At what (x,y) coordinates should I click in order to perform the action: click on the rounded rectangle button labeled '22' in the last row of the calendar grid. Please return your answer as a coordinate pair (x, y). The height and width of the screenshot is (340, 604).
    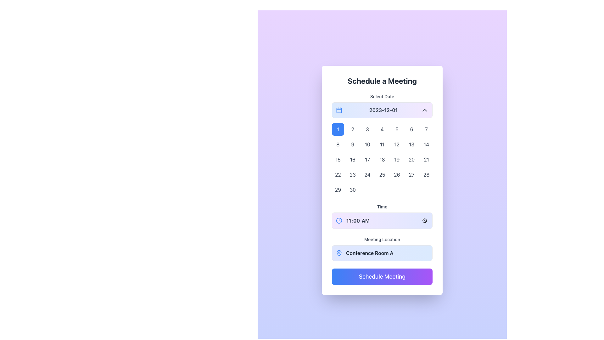
    Looking at the image, I should click on (338, 175).